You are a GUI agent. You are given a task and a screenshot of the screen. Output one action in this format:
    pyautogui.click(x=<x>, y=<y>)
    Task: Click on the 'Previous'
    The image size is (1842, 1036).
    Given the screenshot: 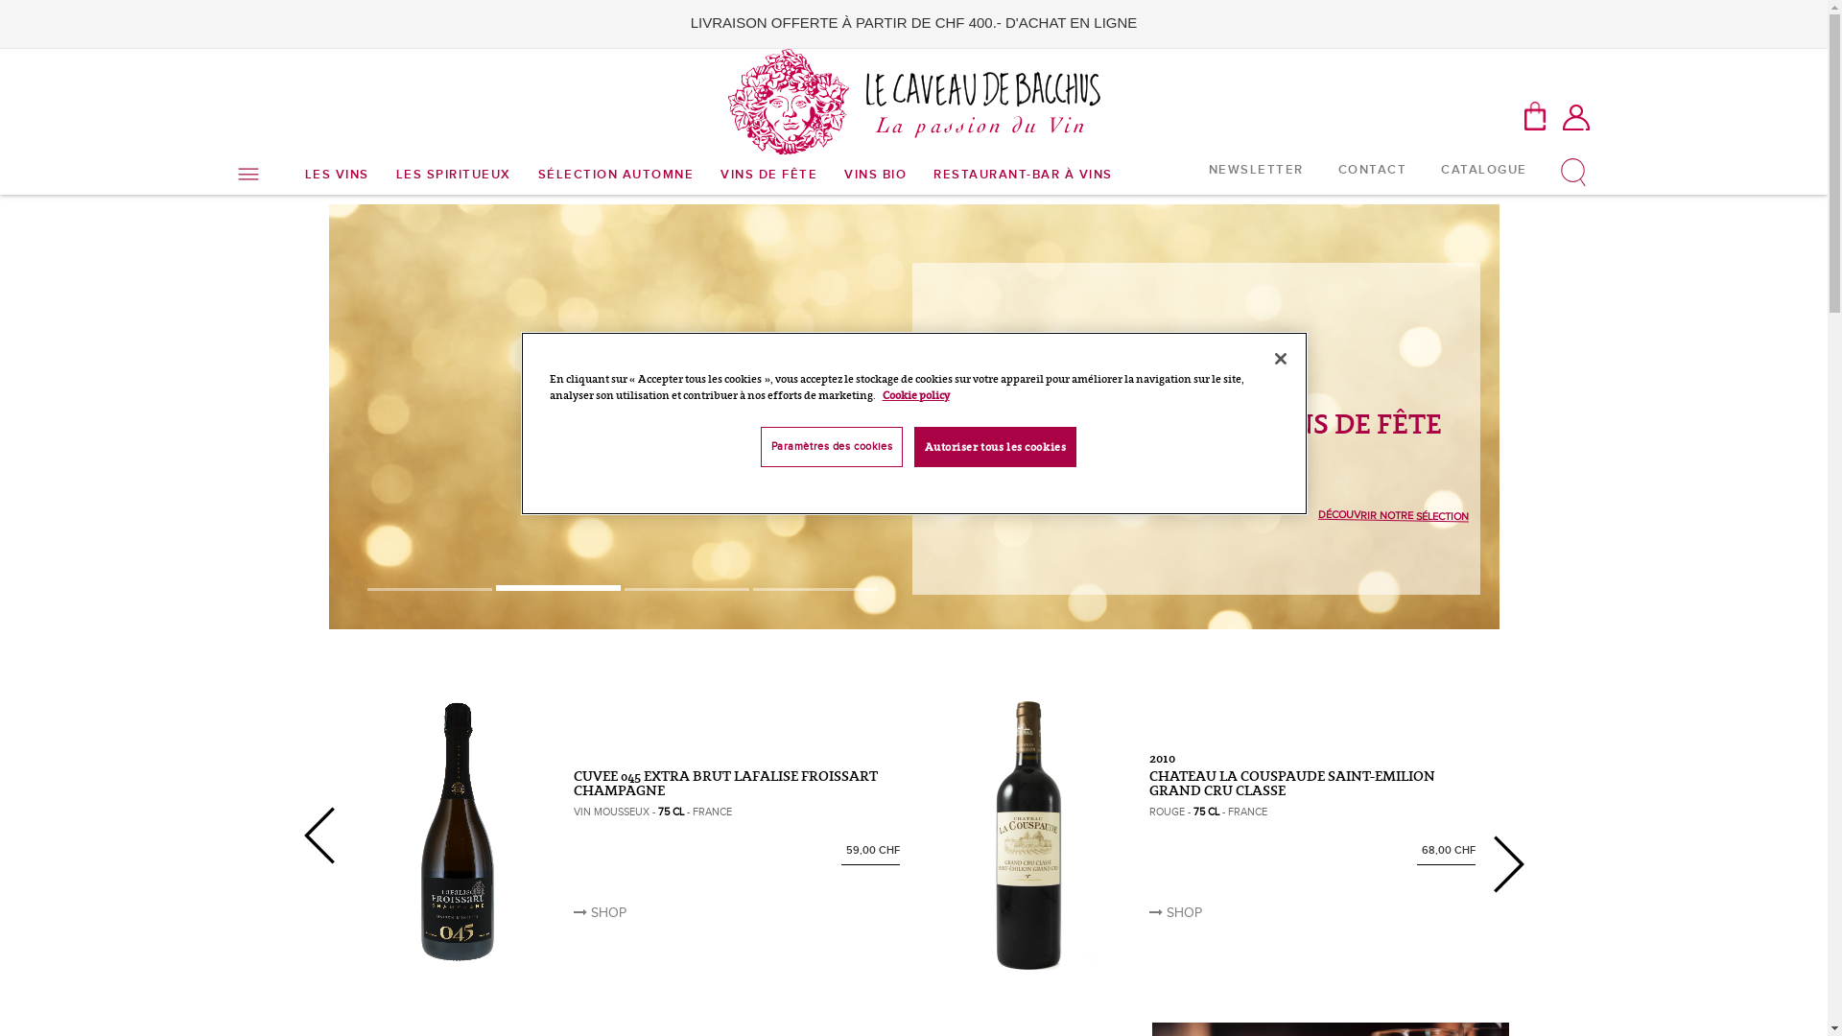 What is the action you would take?
    pyautogui.click(x=318, y=835)
    